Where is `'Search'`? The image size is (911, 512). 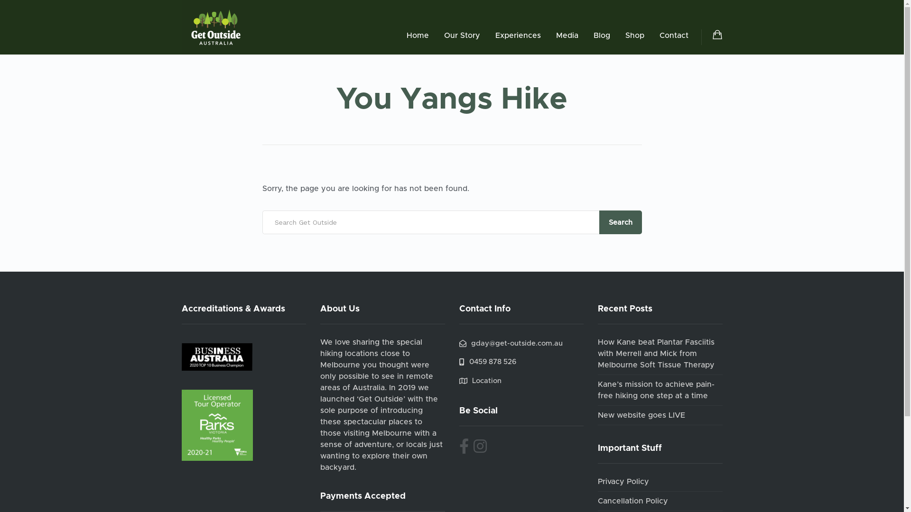
'Search' is located at coordinates (620, 222).